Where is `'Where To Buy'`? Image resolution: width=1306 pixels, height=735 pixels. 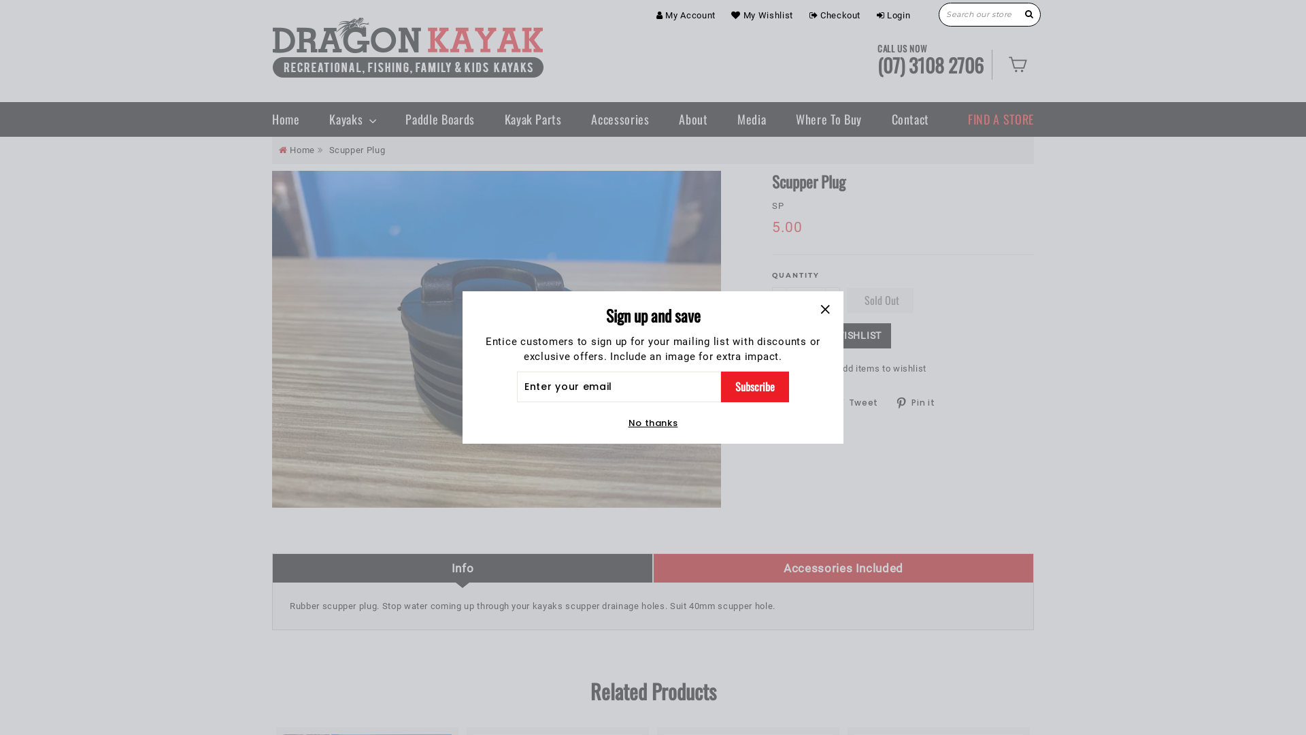 'Where To Buy' is located at coordinates (828, 118).